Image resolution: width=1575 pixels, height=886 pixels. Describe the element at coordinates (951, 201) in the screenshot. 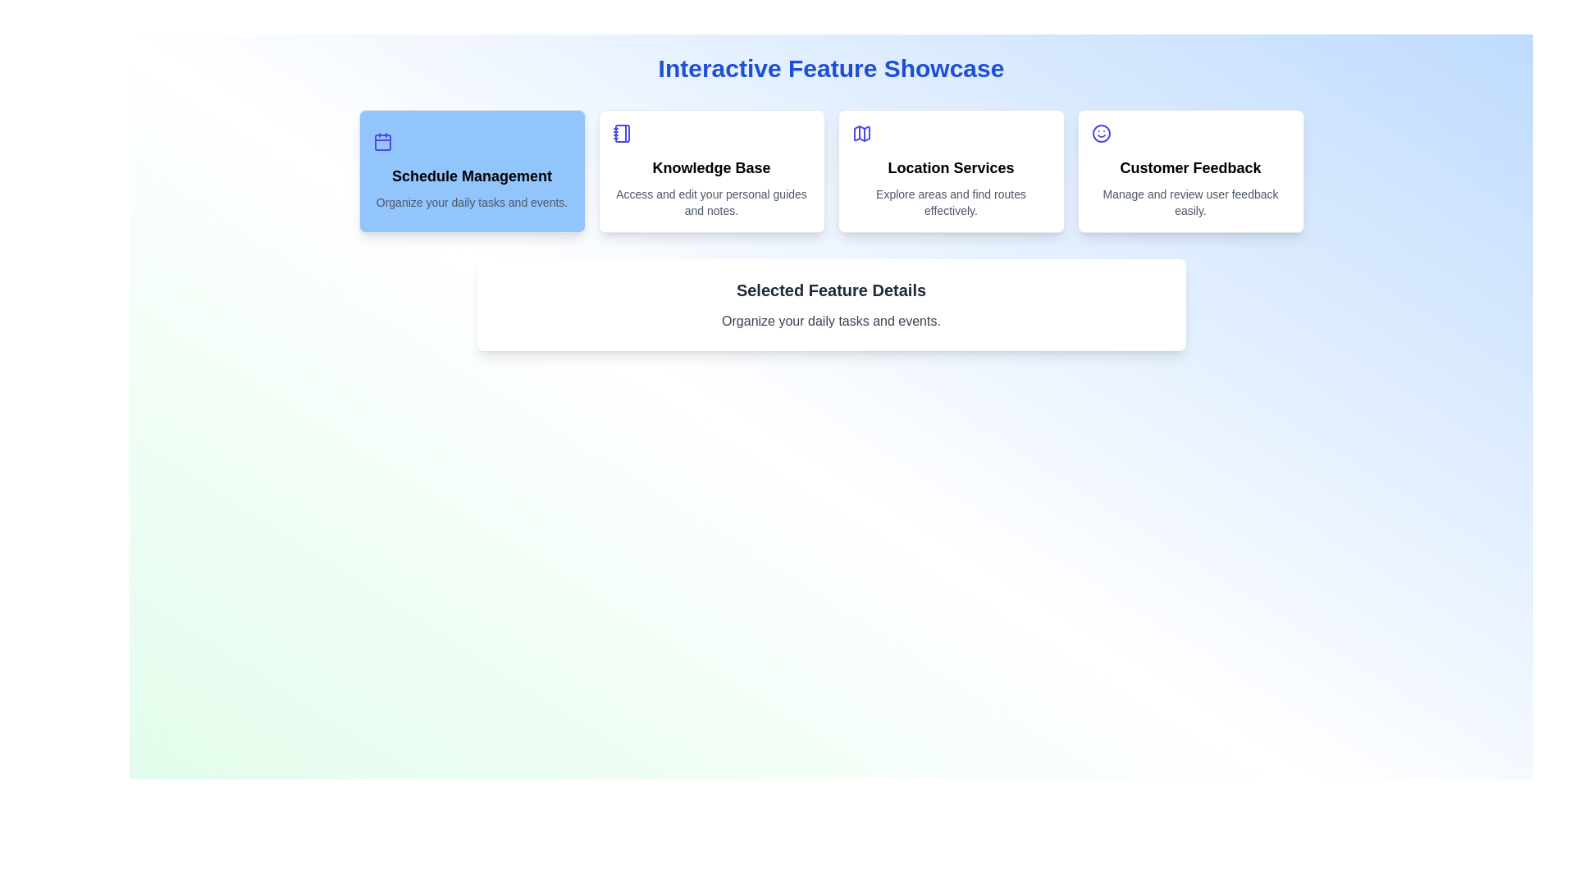

I see `the static text that provides additional descriptive information about the 'Location Services' feature, located at the bottom of the 'Location Services' section` at that location.